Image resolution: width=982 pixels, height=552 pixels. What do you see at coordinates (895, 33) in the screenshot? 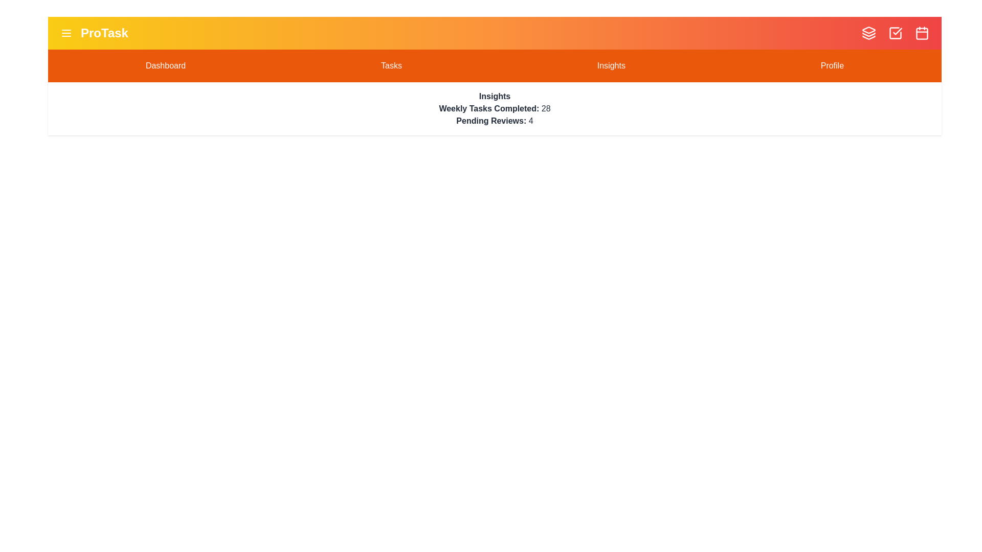
I see `the CheckSquare icon in the top-right corner` at bounding box center [895, 33].